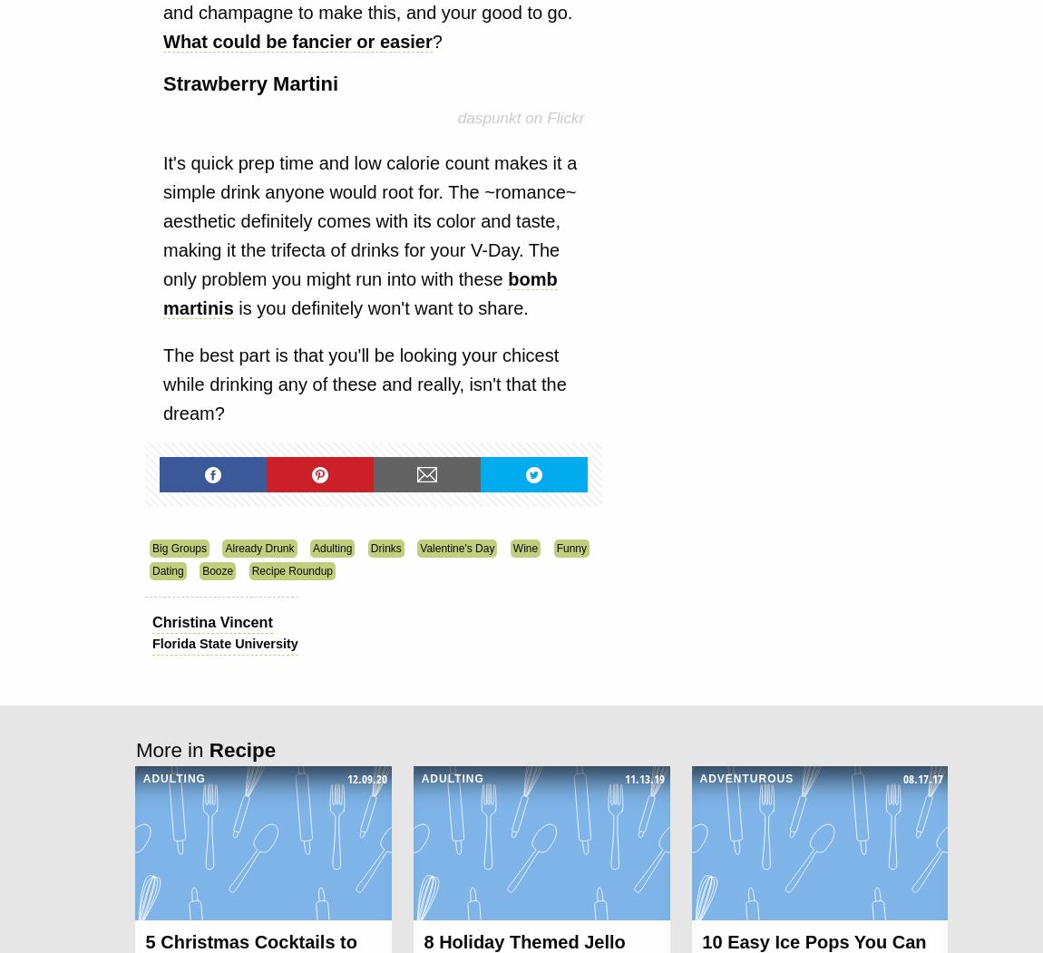 The height and width of the screenshot is (953, 1043). Describe the element at coordinates (385, 548) in the screenshot. I see `'Drinks'` at that location.